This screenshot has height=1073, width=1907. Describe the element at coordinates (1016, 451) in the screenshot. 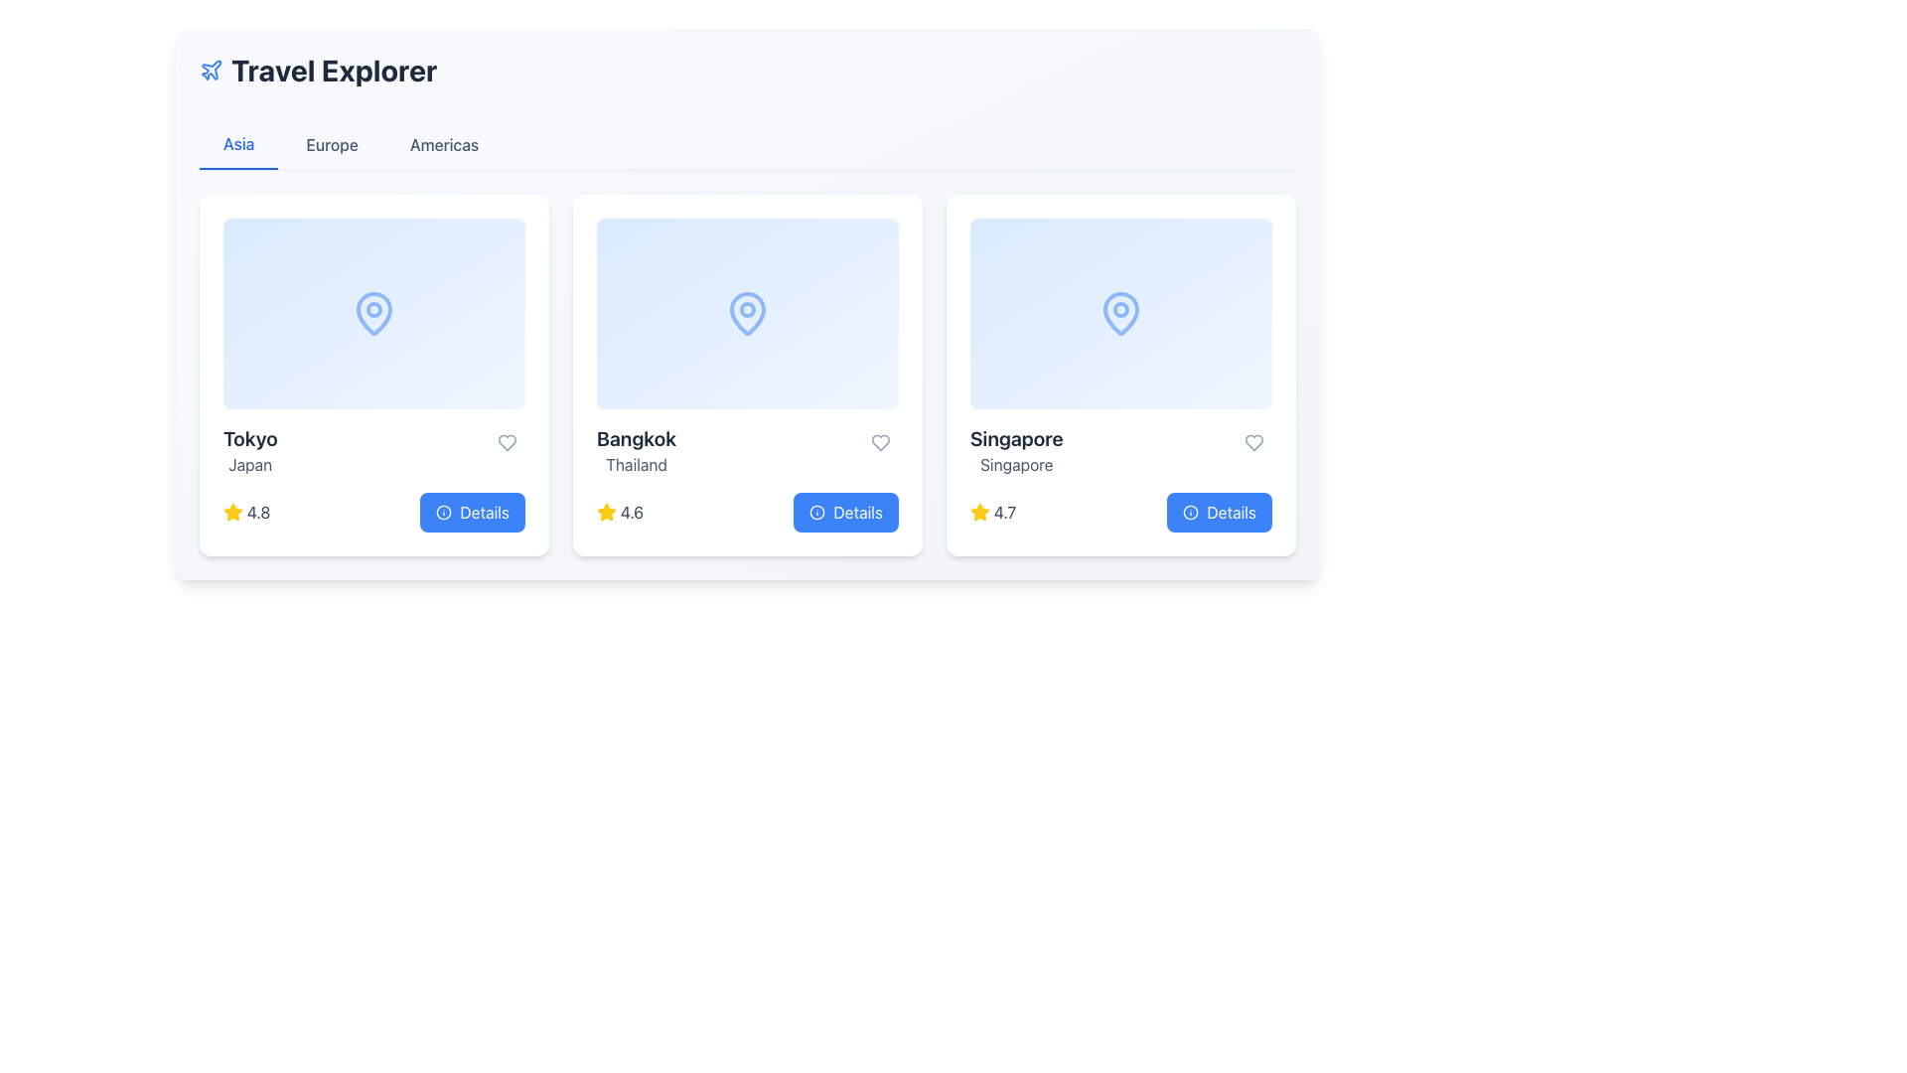

I see `text content of the Text display styled for emphasis that shows 'Singapore' in a larger, bold font and 'Singapore' in a smaller, lighter font, located as the third element in the row of location cards under the 'Asia' tab` at that location.